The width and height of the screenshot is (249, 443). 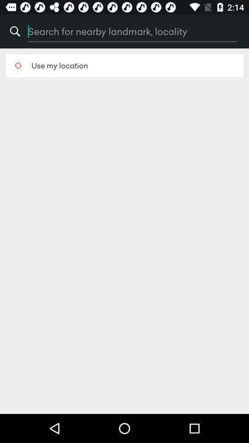 What do you see at coordinates (112, 31) in the screenshot?
I see `item above the use my location item` at bounding box center [112, 31].